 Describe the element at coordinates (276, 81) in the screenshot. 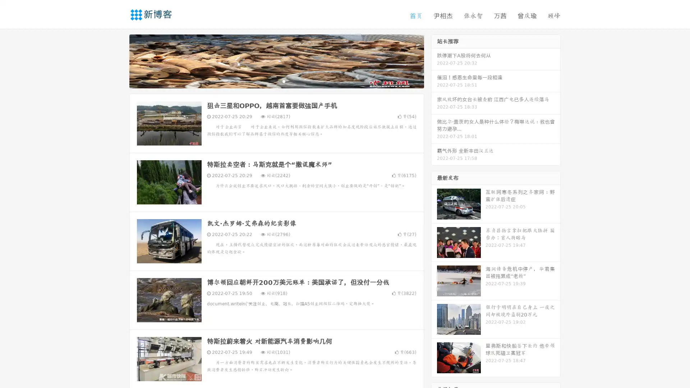

I see `Go to slide 2` at that location.